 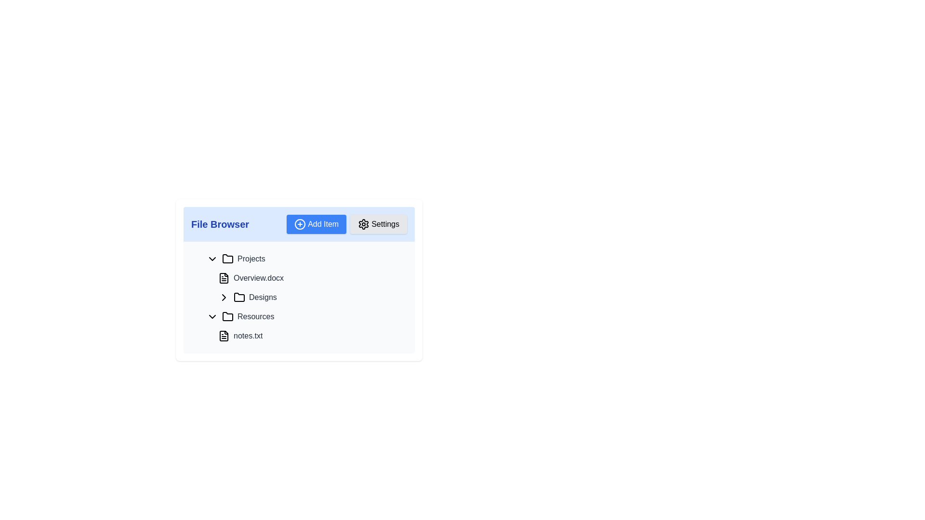 What do you see at coordinates (212, 258) in the screenshot?
I see `the downward-pointing chevron icon located to the far left of the 'Projects' label` at bounding box center [212, 258].